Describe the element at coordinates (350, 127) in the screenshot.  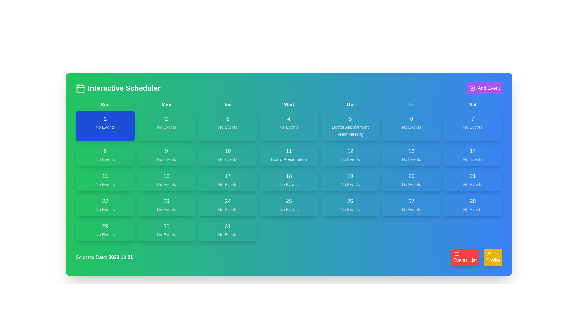
I see `displayed text of the 'Doctor Appointment' label located in the Thursday section of the calendar grid, positioned above the 'Team Meeting' label` at that location.